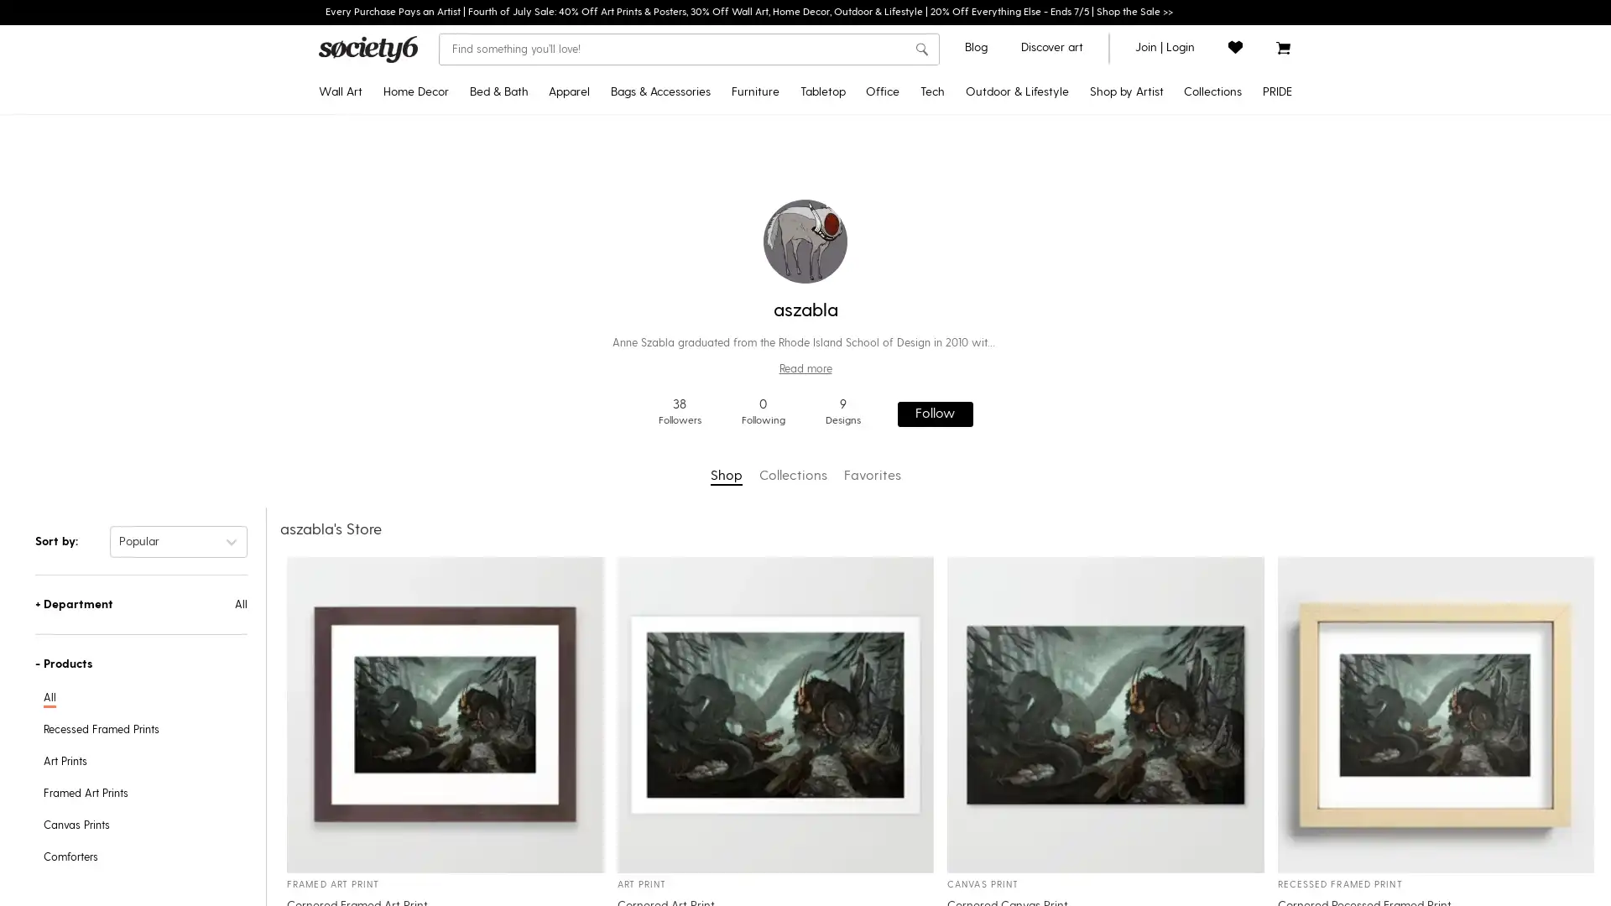 This screenshot has height=906, width=1611. What do you see at coordinates (394, 323) in the screenshot?
I see `Floating Acrylic Prints` at bounding box center [394, 323].